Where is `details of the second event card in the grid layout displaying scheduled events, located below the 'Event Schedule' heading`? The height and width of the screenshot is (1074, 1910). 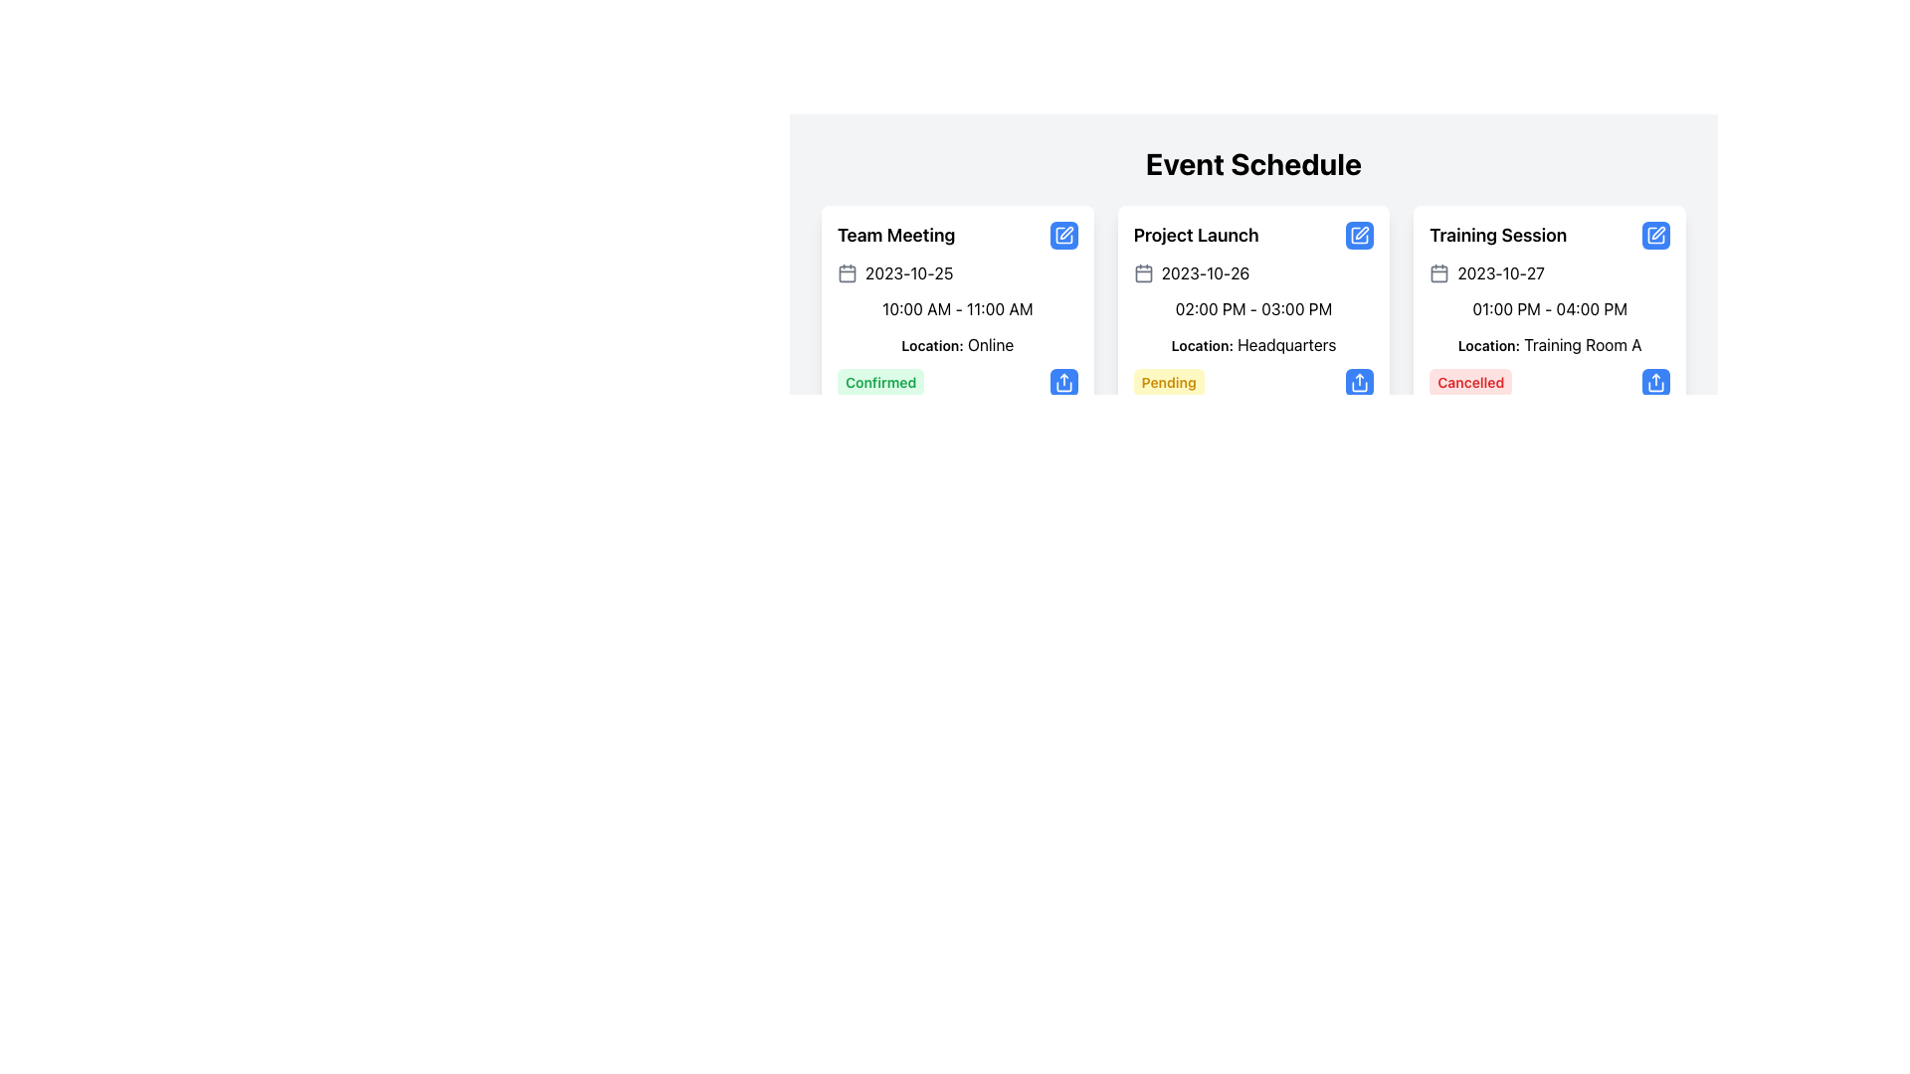 details of the second event card in the grid layout displaying scheduled events, located below the 'Event Schedule' heading is located at coordinates (1252, 309).